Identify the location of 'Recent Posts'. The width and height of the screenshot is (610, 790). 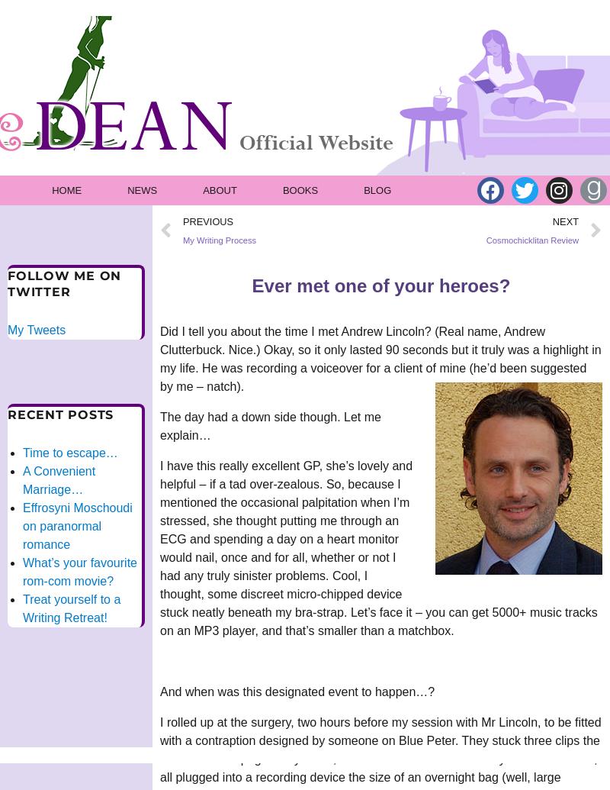
(60, 414).